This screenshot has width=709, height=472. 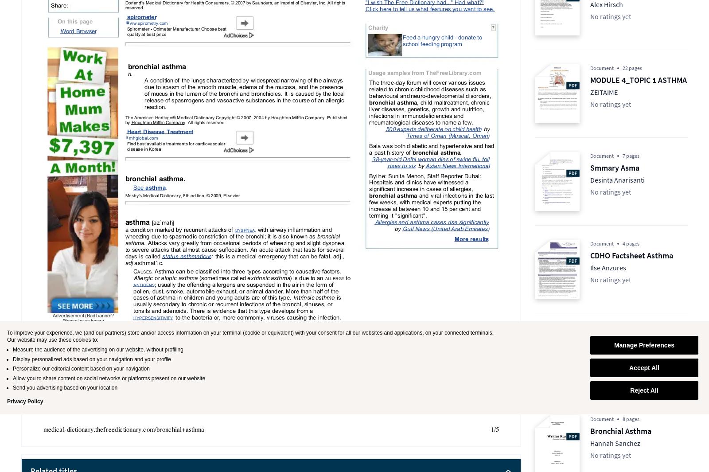 I want to click on '22 pages', so click(x=622, y=67).